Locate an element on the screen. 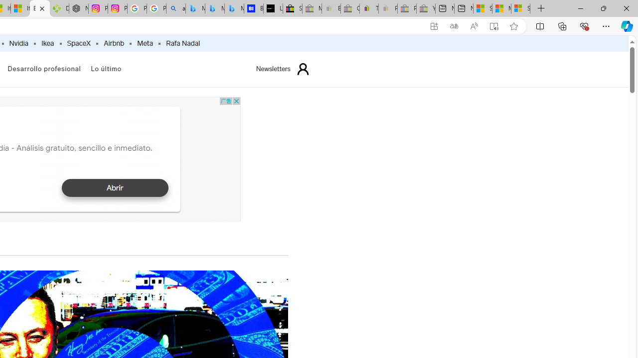 Image resolution: width=638 pixels, height=358 pixels. 'Microsoft Bing Travel - Flights from Hong Kong to Bangkok' is located at coordinates (195, 8).